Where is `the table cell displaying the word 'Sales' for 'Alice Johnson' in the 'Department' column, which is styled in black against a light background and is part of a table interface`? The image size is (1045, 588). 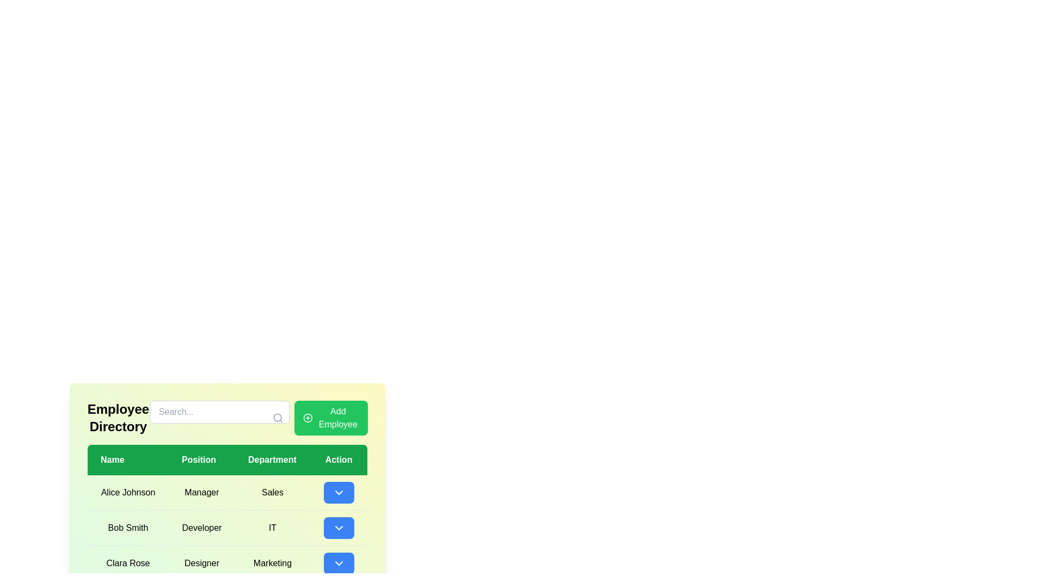
the table cell displaying the word 'Sales' for 'Alice Johnson' in the 'Department' column, which is styled in black against a light background and is part of a table interface is located at coordinates (272, 493).